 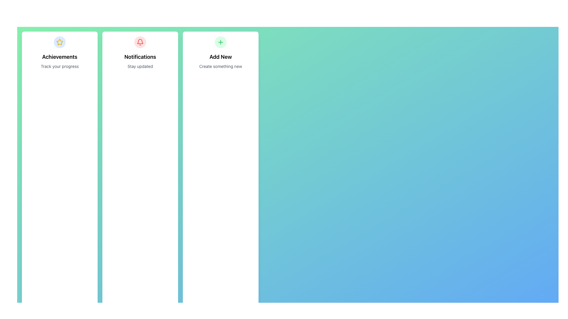 What do you see at coordinates (140, 41) in the screenshot?
I see `the SVG bell icon representing the 'Notifications' section, which is positioned in the middle of the three cards on the page` at bounding box center [140, 41].